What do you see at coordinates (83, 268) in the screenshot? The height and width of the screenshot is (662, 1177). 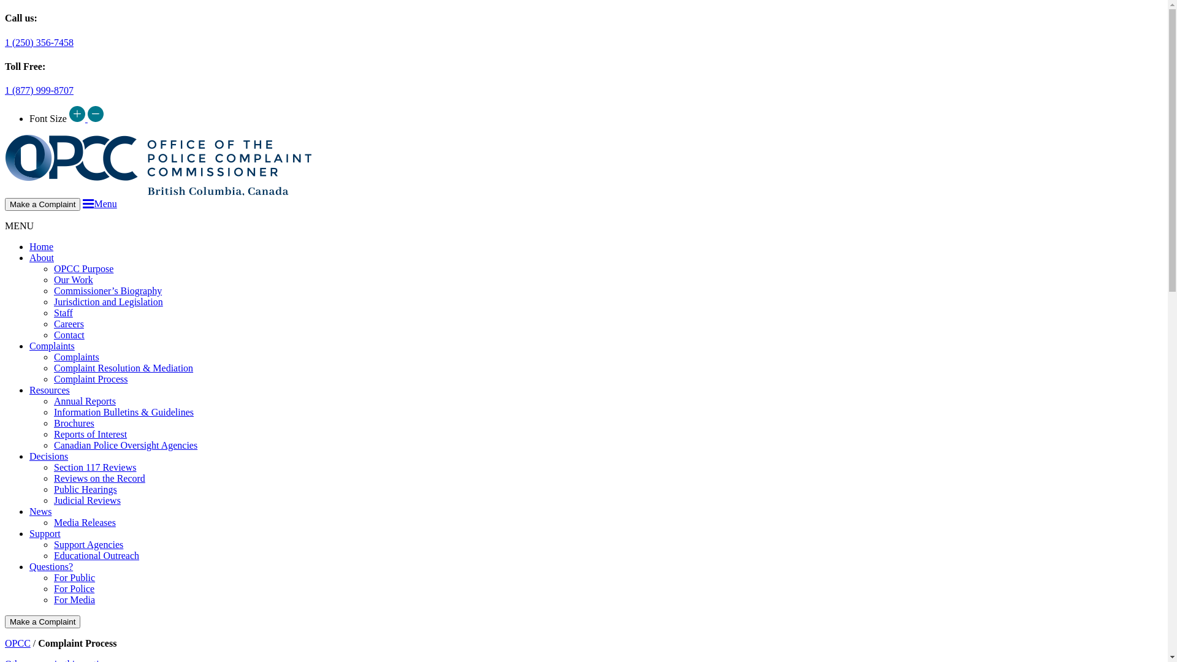 I see `'OPCC Purpose'` at bounding box center [83, 268].